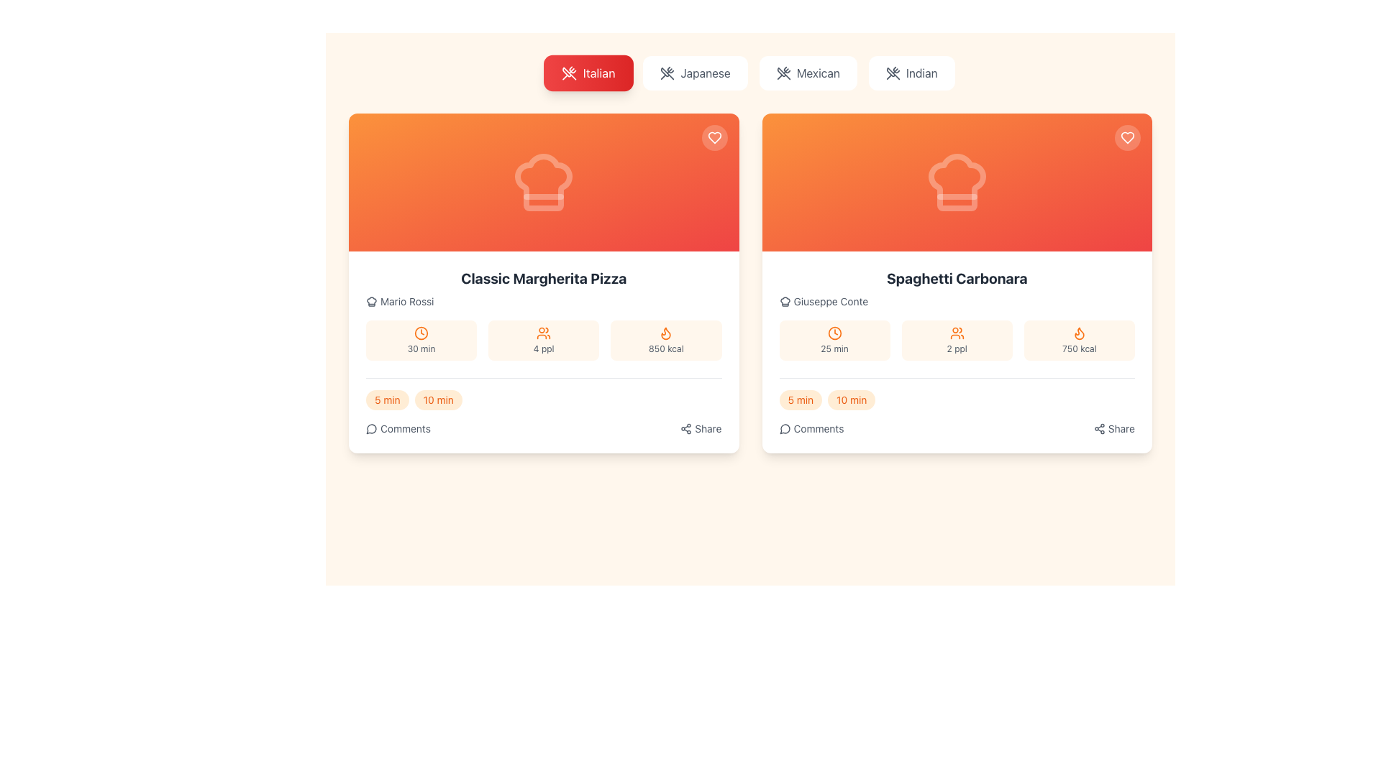 The height and width of the screenshot is (776, 1381). I want to click on the text label that identifies the author of the recipe 'Spaghetti Carbonara', located to the right of the chef's hat icon and above the cooking time information, so click(831, 301).